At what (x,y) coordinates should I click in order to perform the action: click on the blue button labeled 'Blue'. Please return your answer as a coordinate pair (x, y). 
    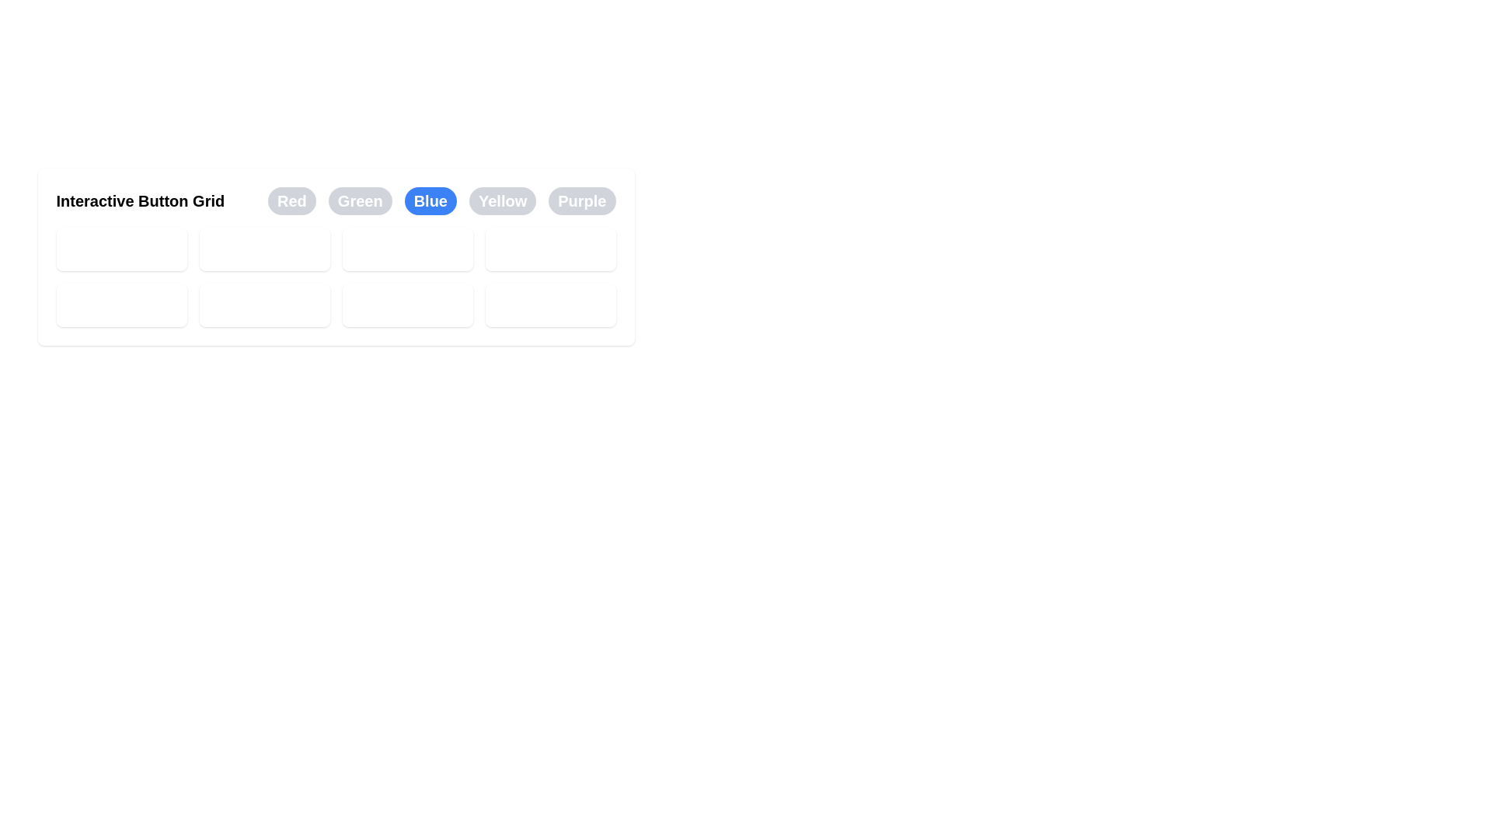
    Looking at the image, I should click on (431, 200).